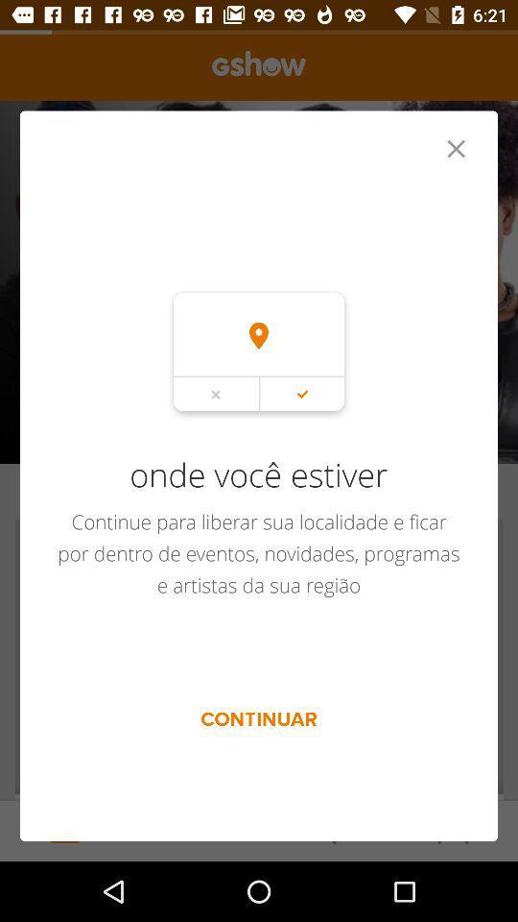 Image resolution: width=518 pixels, height=922 pixels. Describe the element at coordinates (455, 158) in the screenshot. I see `the close icon` at that location.